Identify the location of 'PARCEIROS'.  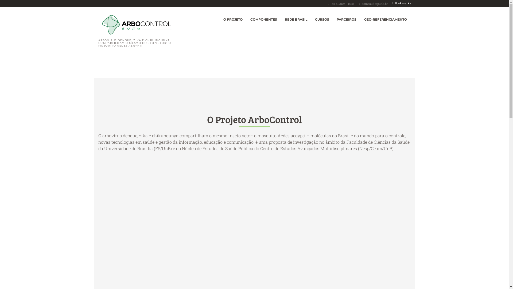
(347, 19).